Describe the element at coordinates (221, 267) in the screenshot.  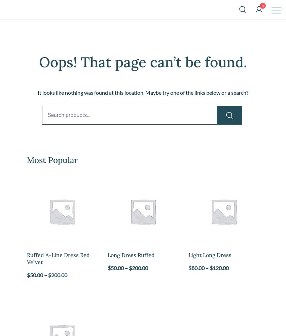
I see `'120.00'` at that location.